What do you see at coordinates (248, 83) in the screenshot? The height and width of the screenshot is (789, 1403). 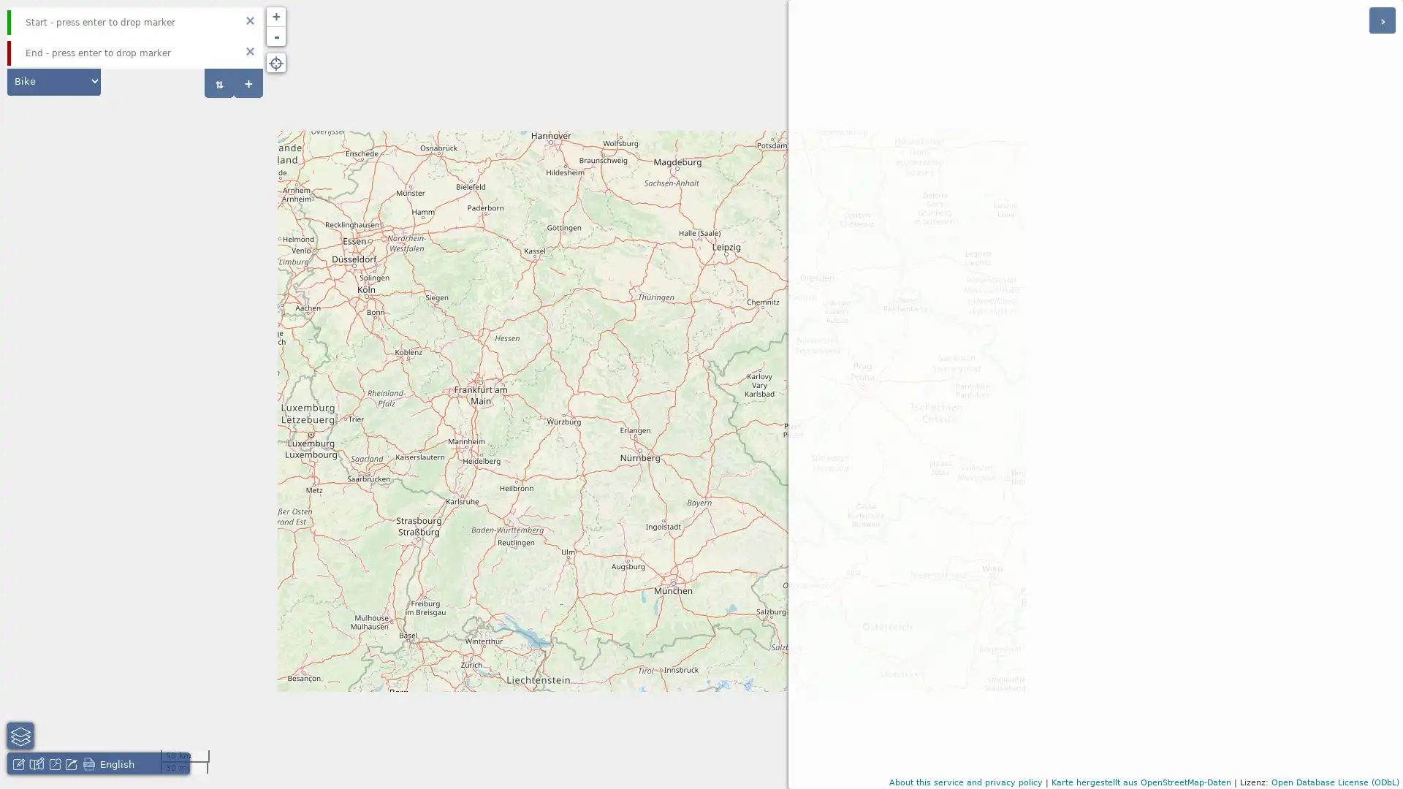 I see `+` at bounding box center [248, 83].